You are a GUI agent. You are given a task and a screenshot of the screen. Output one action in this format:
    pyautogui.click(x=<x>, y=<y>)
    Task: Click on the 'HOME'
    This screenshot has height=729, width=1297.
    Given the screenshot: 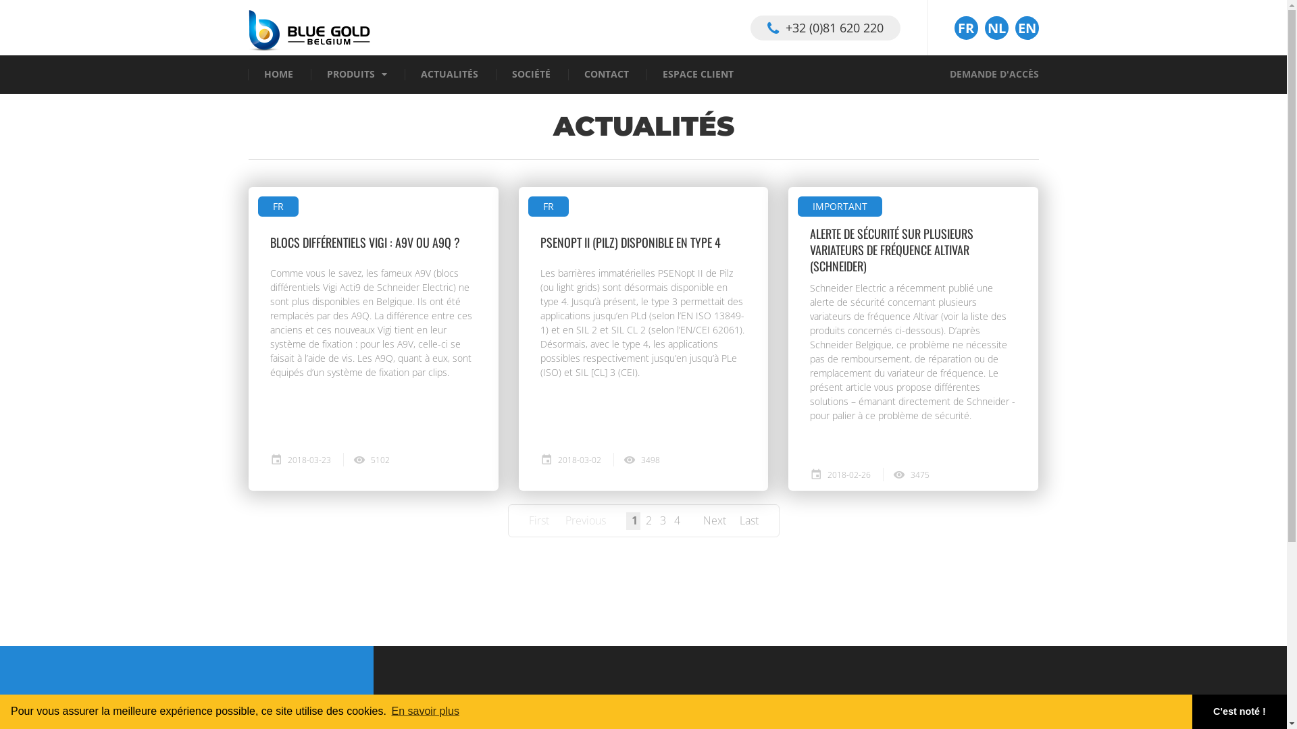 What is the action you would take?
    pyautogui.click(x=266, y=719)
    